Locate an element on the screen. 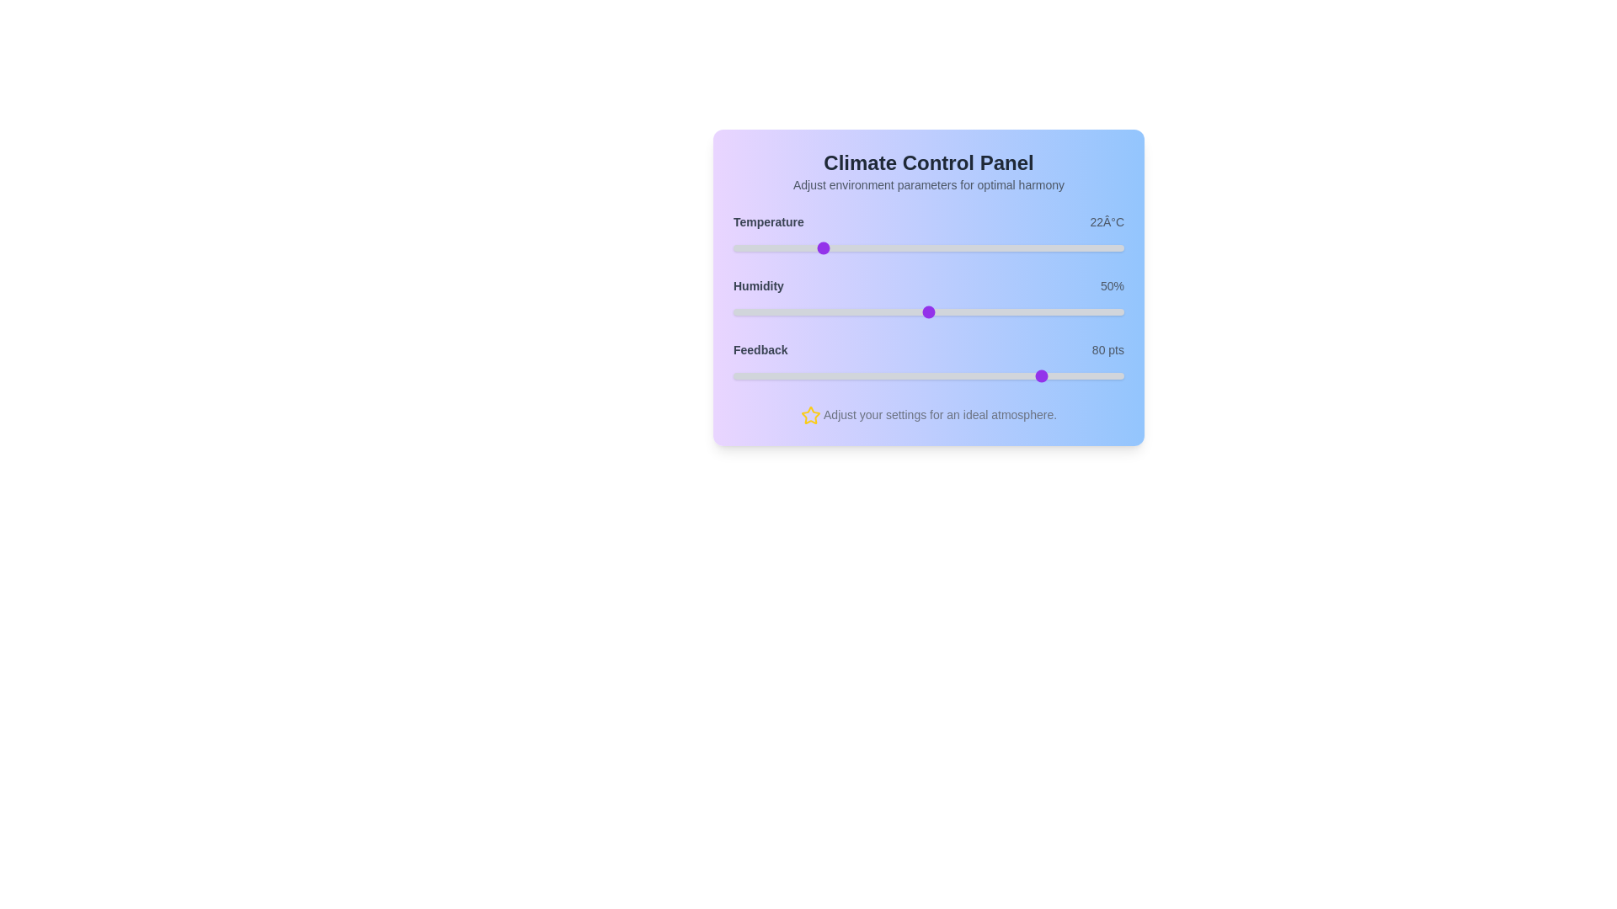  the temperature slider to 24 degrees Celsius is located at coordinates (827, 247).